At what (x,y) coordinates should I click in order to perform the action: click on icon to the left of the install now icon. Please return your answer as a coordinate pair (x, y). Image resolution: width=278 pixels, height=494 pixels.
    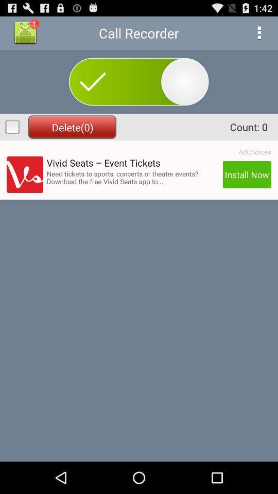
    Looking at the image, I should click on (133, 178).